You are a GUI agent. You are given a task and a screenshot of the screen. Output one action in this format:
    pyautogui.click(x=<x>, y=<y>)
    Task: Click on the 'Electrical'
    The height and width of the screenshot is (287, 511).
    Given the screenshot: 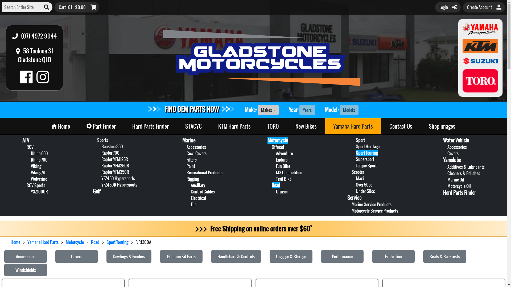 What is the action you would take?
    pyautogui.click(x=198, y=198)
    